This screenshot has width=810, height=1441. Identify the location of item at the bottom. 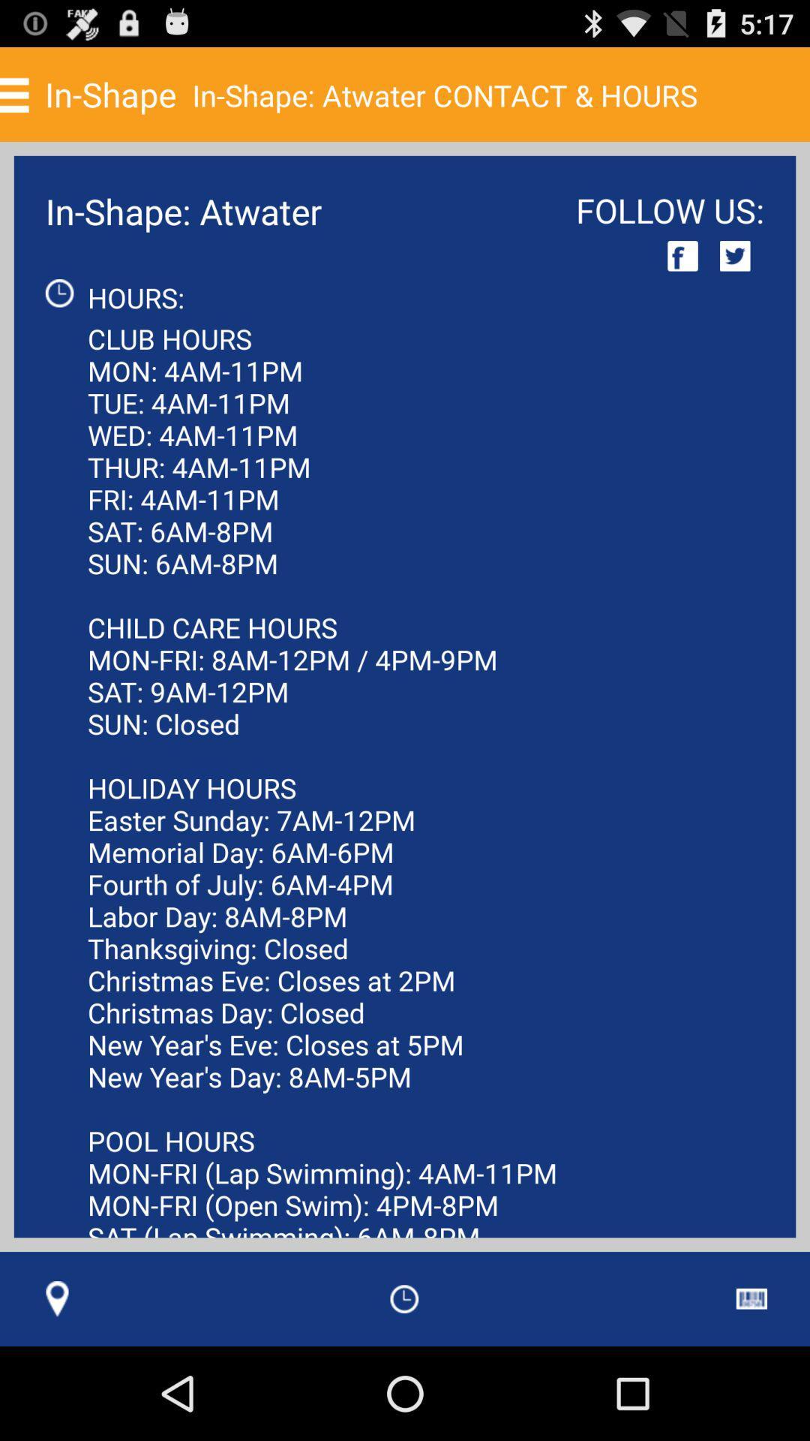
(403, 1298).